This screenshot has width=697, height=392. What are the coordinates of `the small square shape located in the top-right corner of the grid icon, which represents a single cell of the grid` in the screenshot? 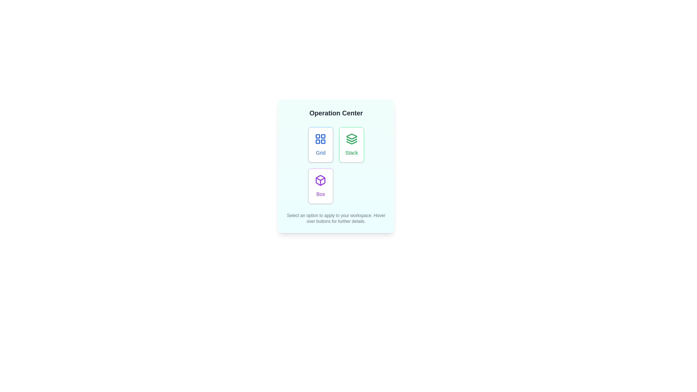 It's located at (323, 136).